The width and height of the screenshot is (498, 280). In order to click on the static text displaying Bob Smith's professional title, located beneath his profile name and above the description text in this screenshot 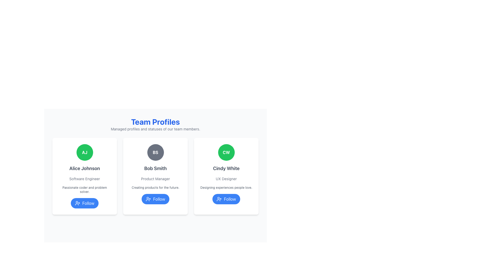, I will do `click(155, 179)`.